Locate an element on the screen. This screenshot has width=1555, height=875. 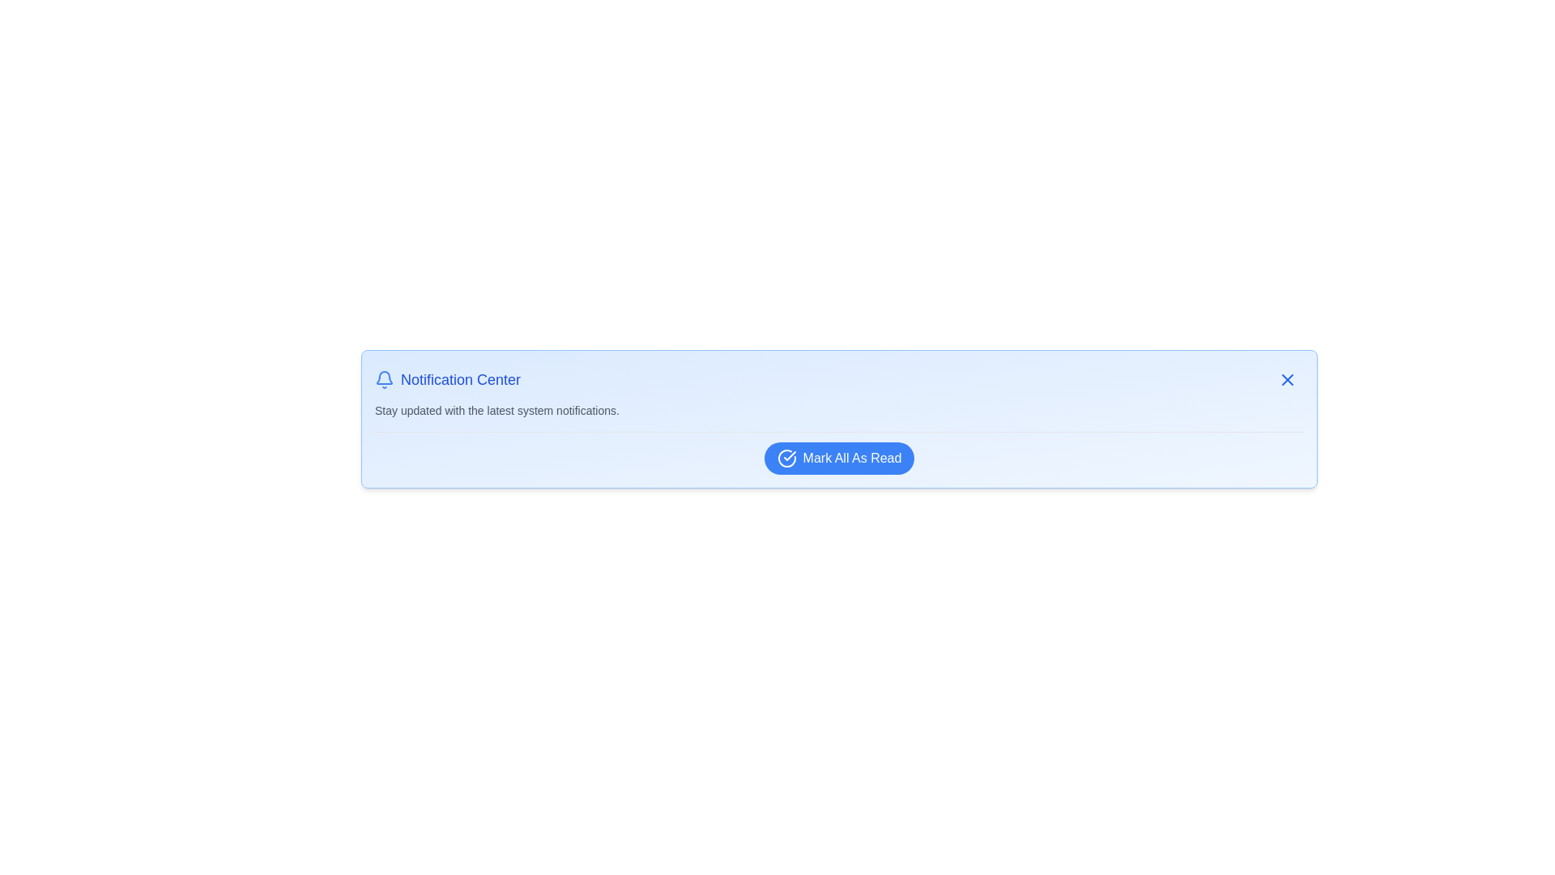
the close button located in the top-right corner of the blue notification panel is located at coordinates (1286, 380).